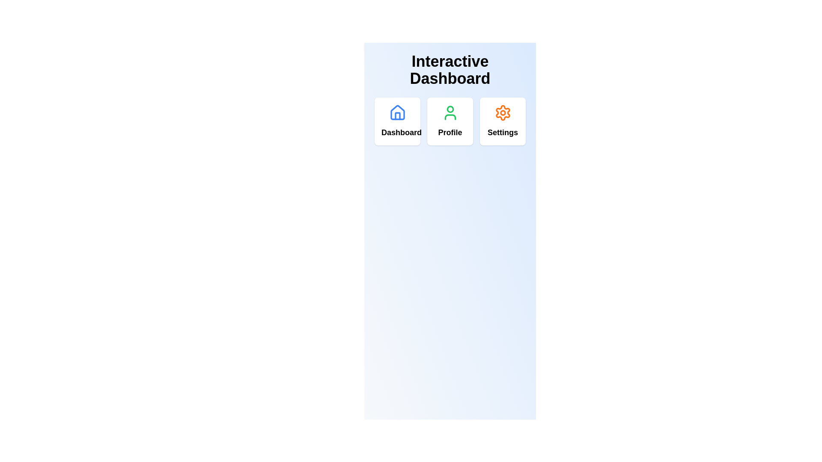 The width and height of the screenshot is (822, 462). Describe the element at coordinates (503, 132) in the screenshot. I see `the text element displaying 'Settings', which is located below the gear-like orange icon within the rightmost card of three cards` at that location.